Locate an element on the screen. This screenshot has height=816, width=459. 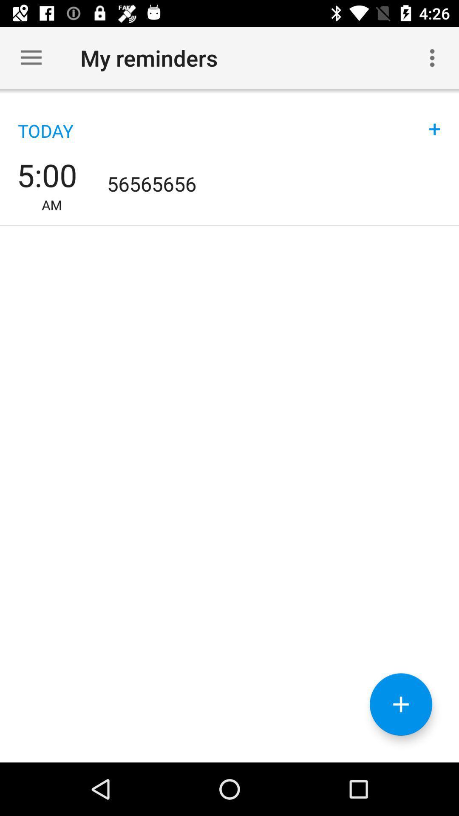
item next to the today icon is located at coordinates (434, 120).